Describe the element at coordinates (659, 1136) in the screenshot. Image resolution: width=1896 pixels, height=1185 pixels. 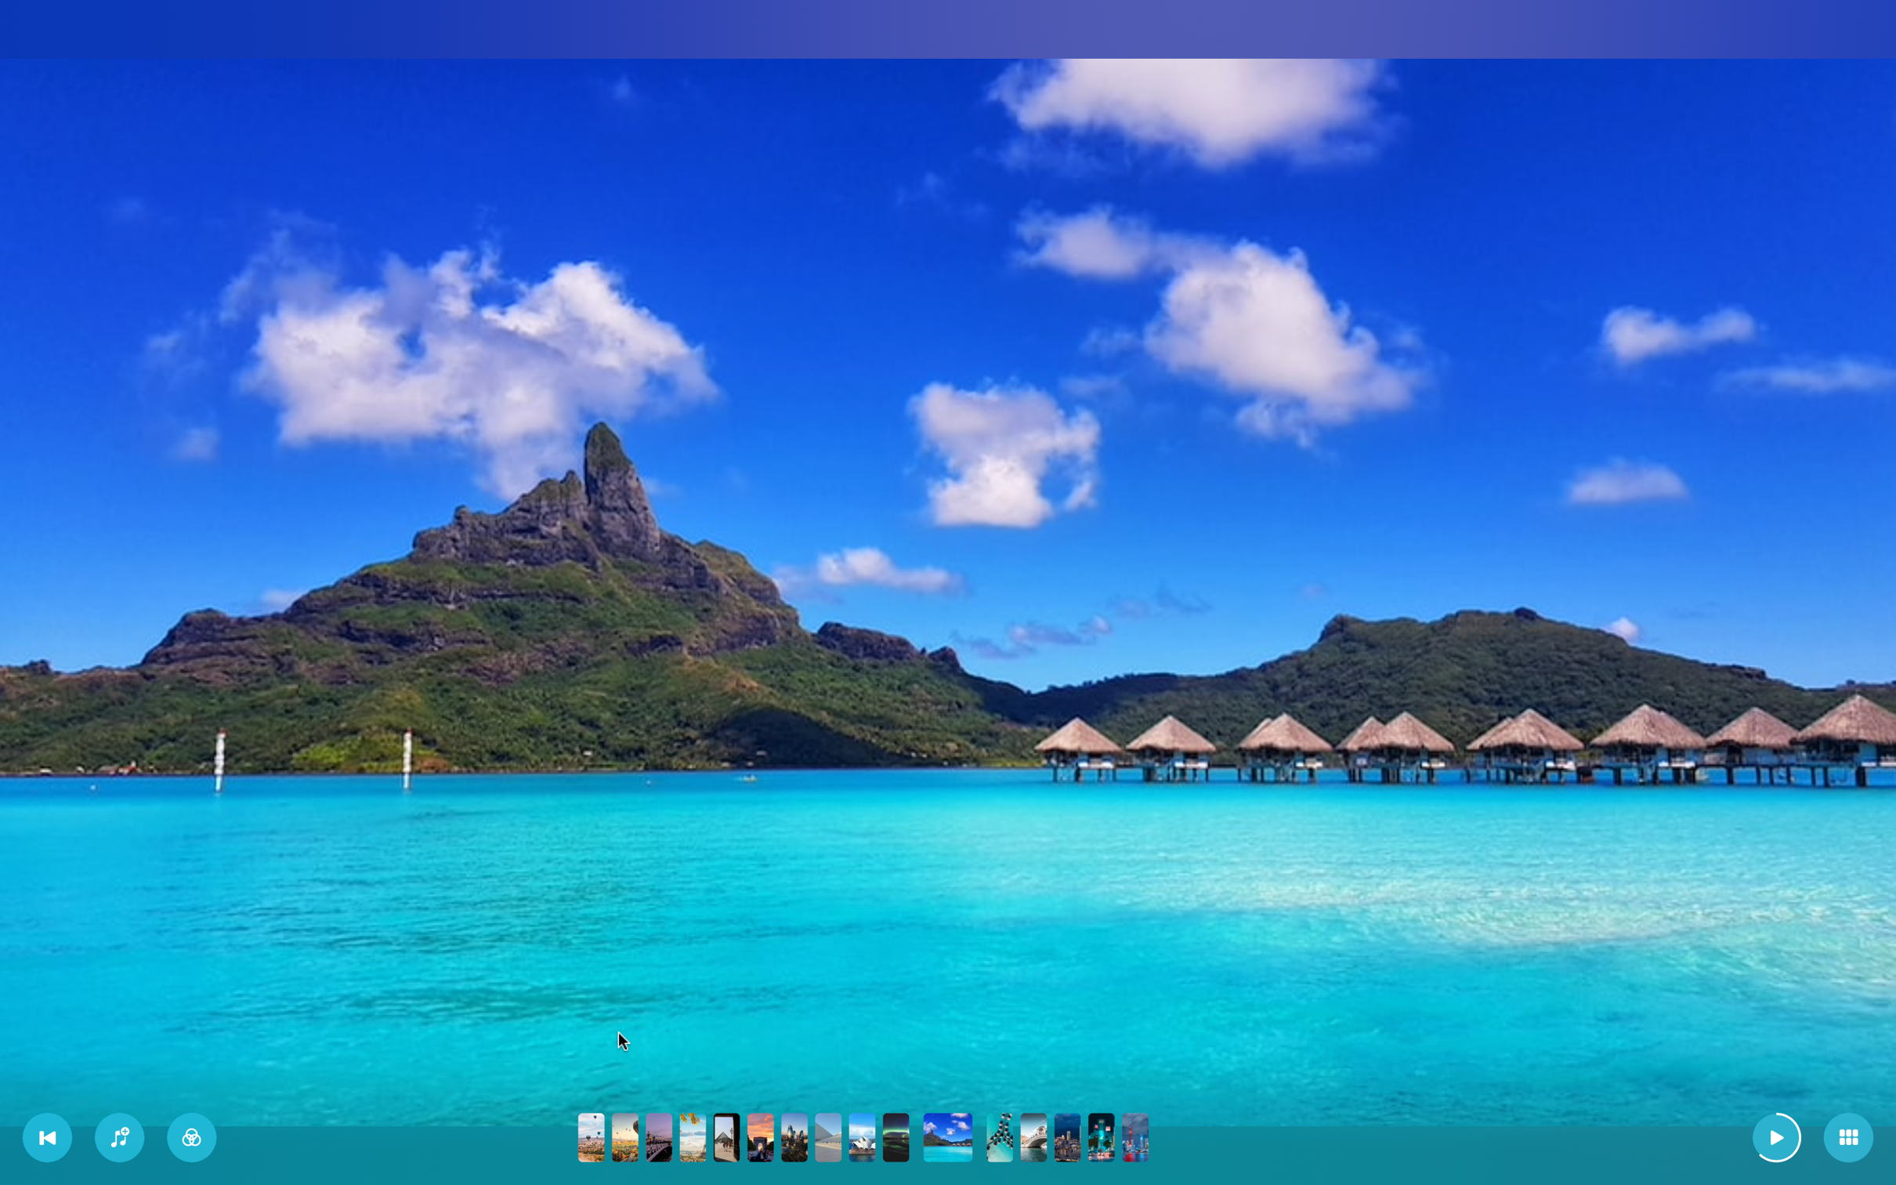
I see `Directly skip to the third picture in the slideshow` at that location.